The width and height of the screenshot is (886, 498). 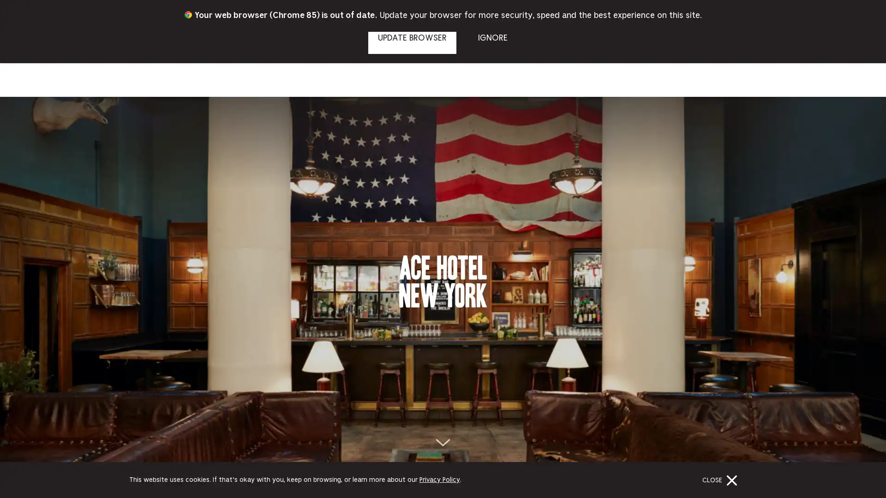 What do you see at coordinates (492, 42) in the screenshot?
I see `IGNORE` at bounding box center [492, 42].